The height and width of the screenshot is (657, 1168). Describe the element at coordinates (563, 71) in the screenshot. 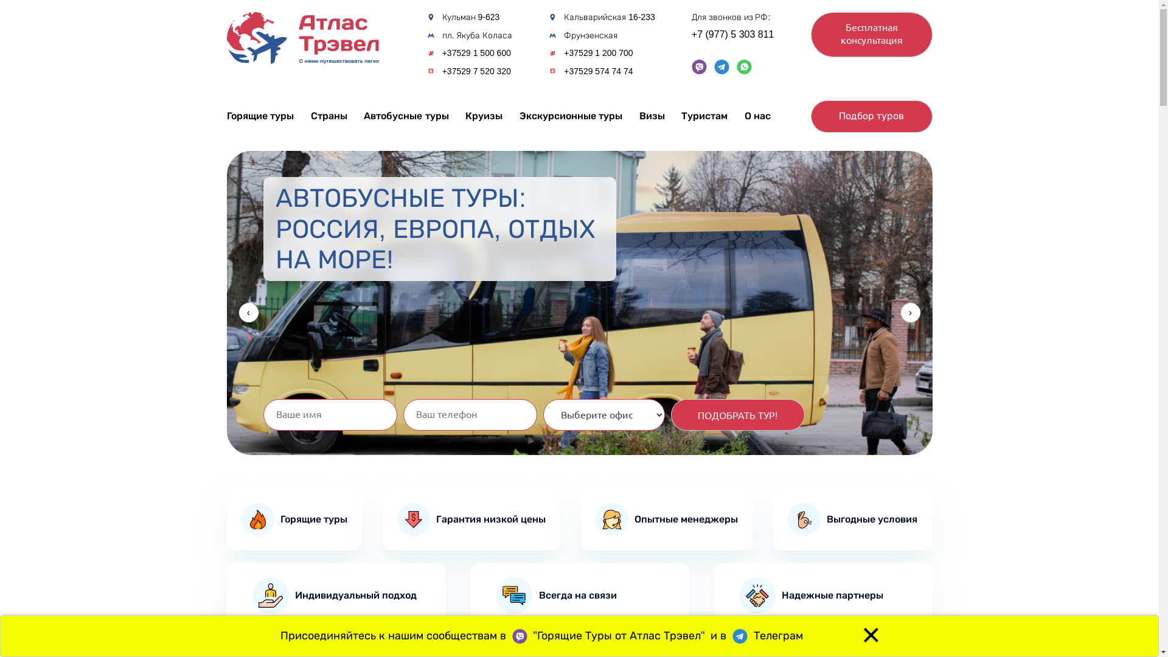

I see `'+37529 574 74 74'` at that location.